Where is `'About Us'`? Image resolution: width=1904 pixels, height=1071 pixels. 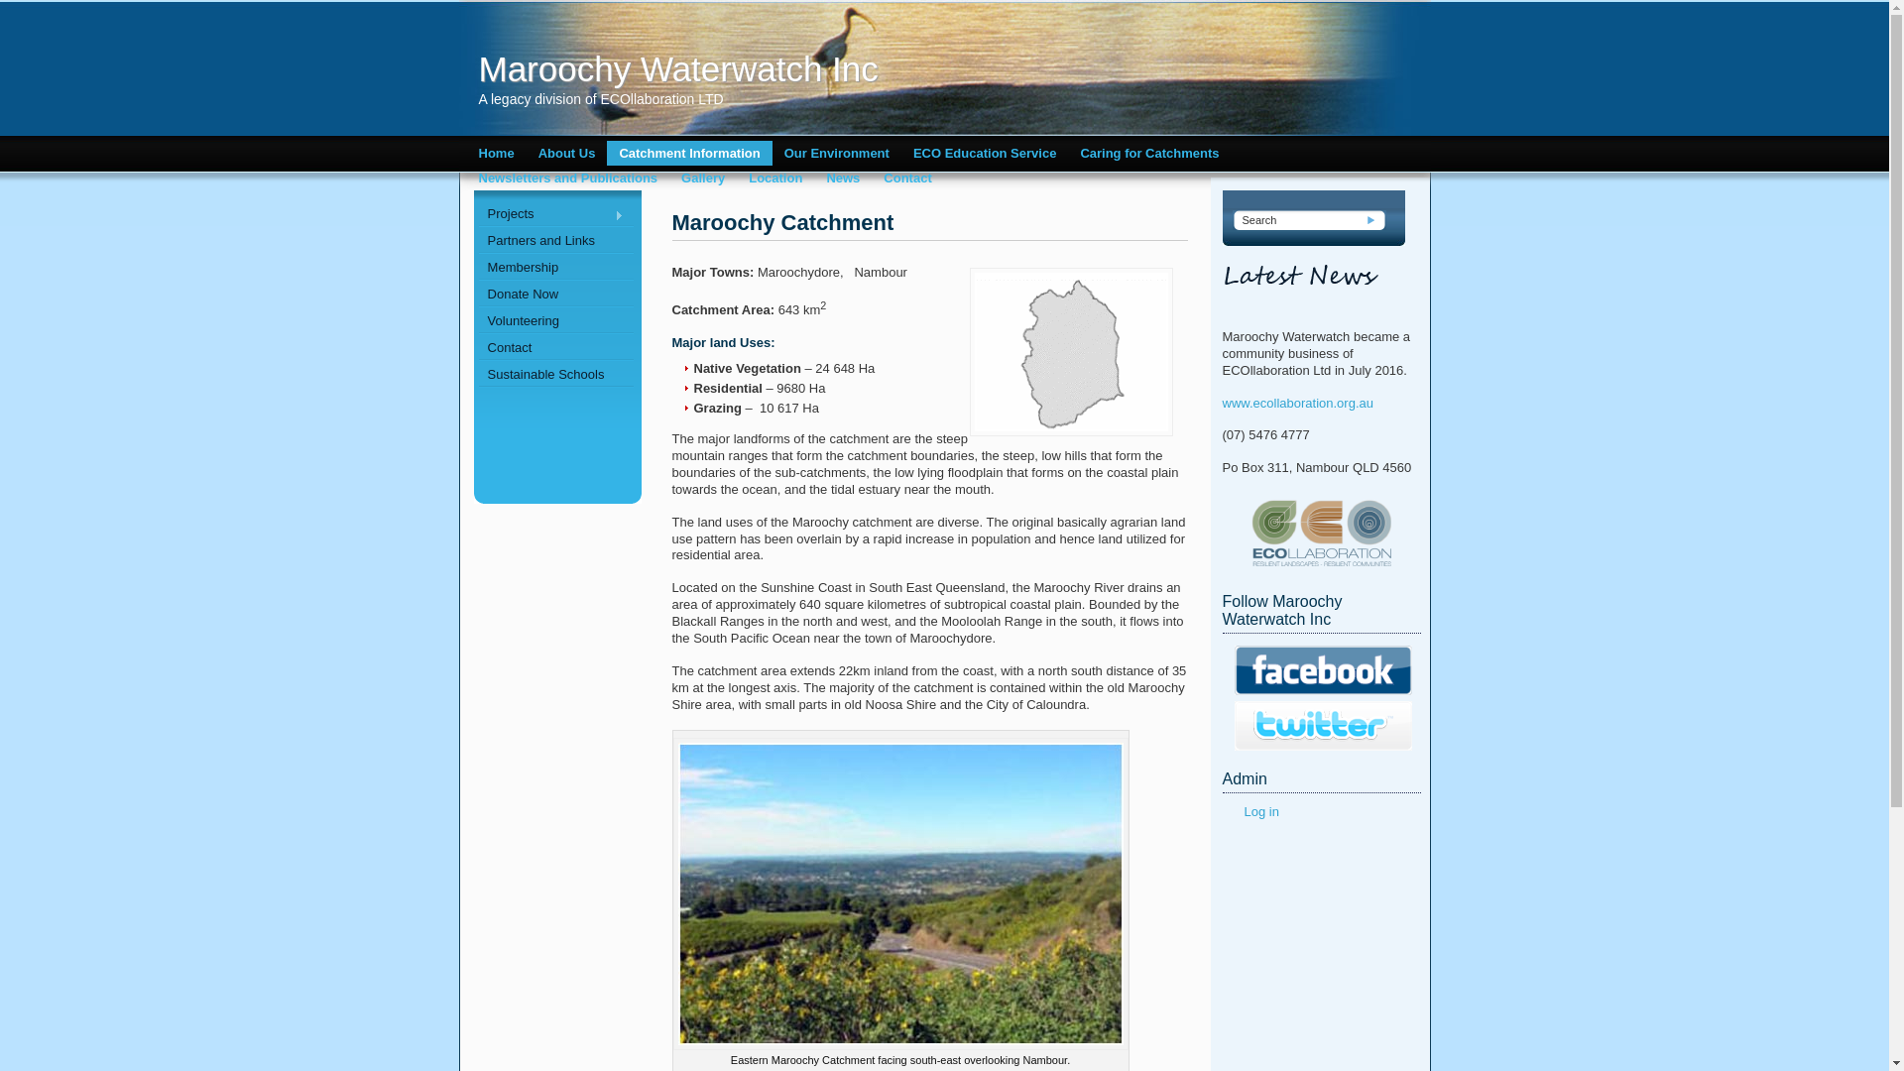
'About Us' is located at coordinates (565, 152).